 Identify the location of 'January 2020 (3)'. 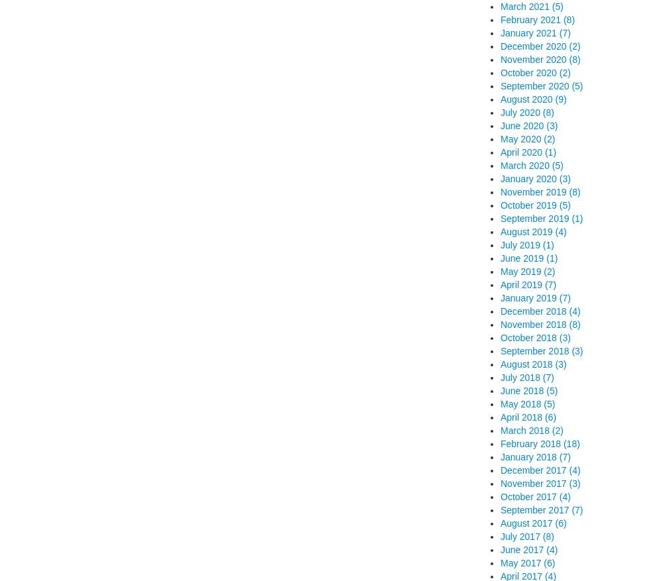
(535, 179).